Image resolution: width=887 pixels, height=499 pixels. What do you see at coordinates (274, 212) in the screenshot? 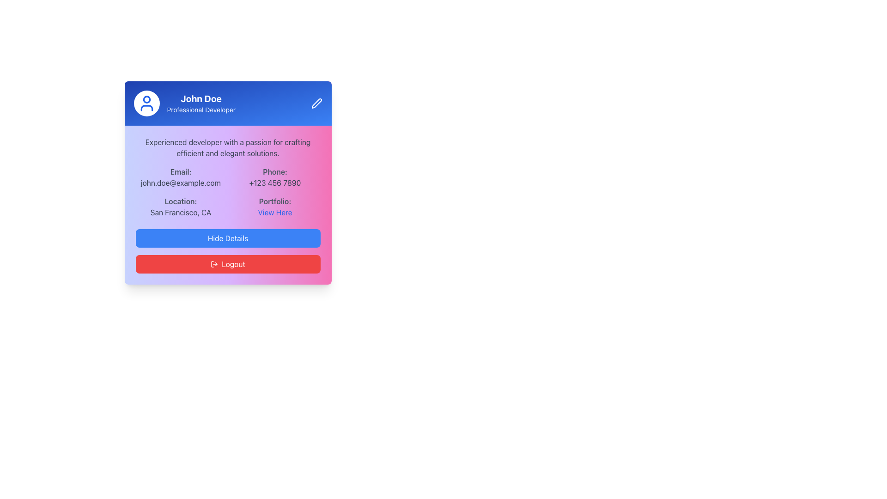
I see `the hyperlink displaying 'View Here' in blue font color with an underline, located below the label 'Portfolio:' in the lower-right section of the card` at bounding box center [274, 212].